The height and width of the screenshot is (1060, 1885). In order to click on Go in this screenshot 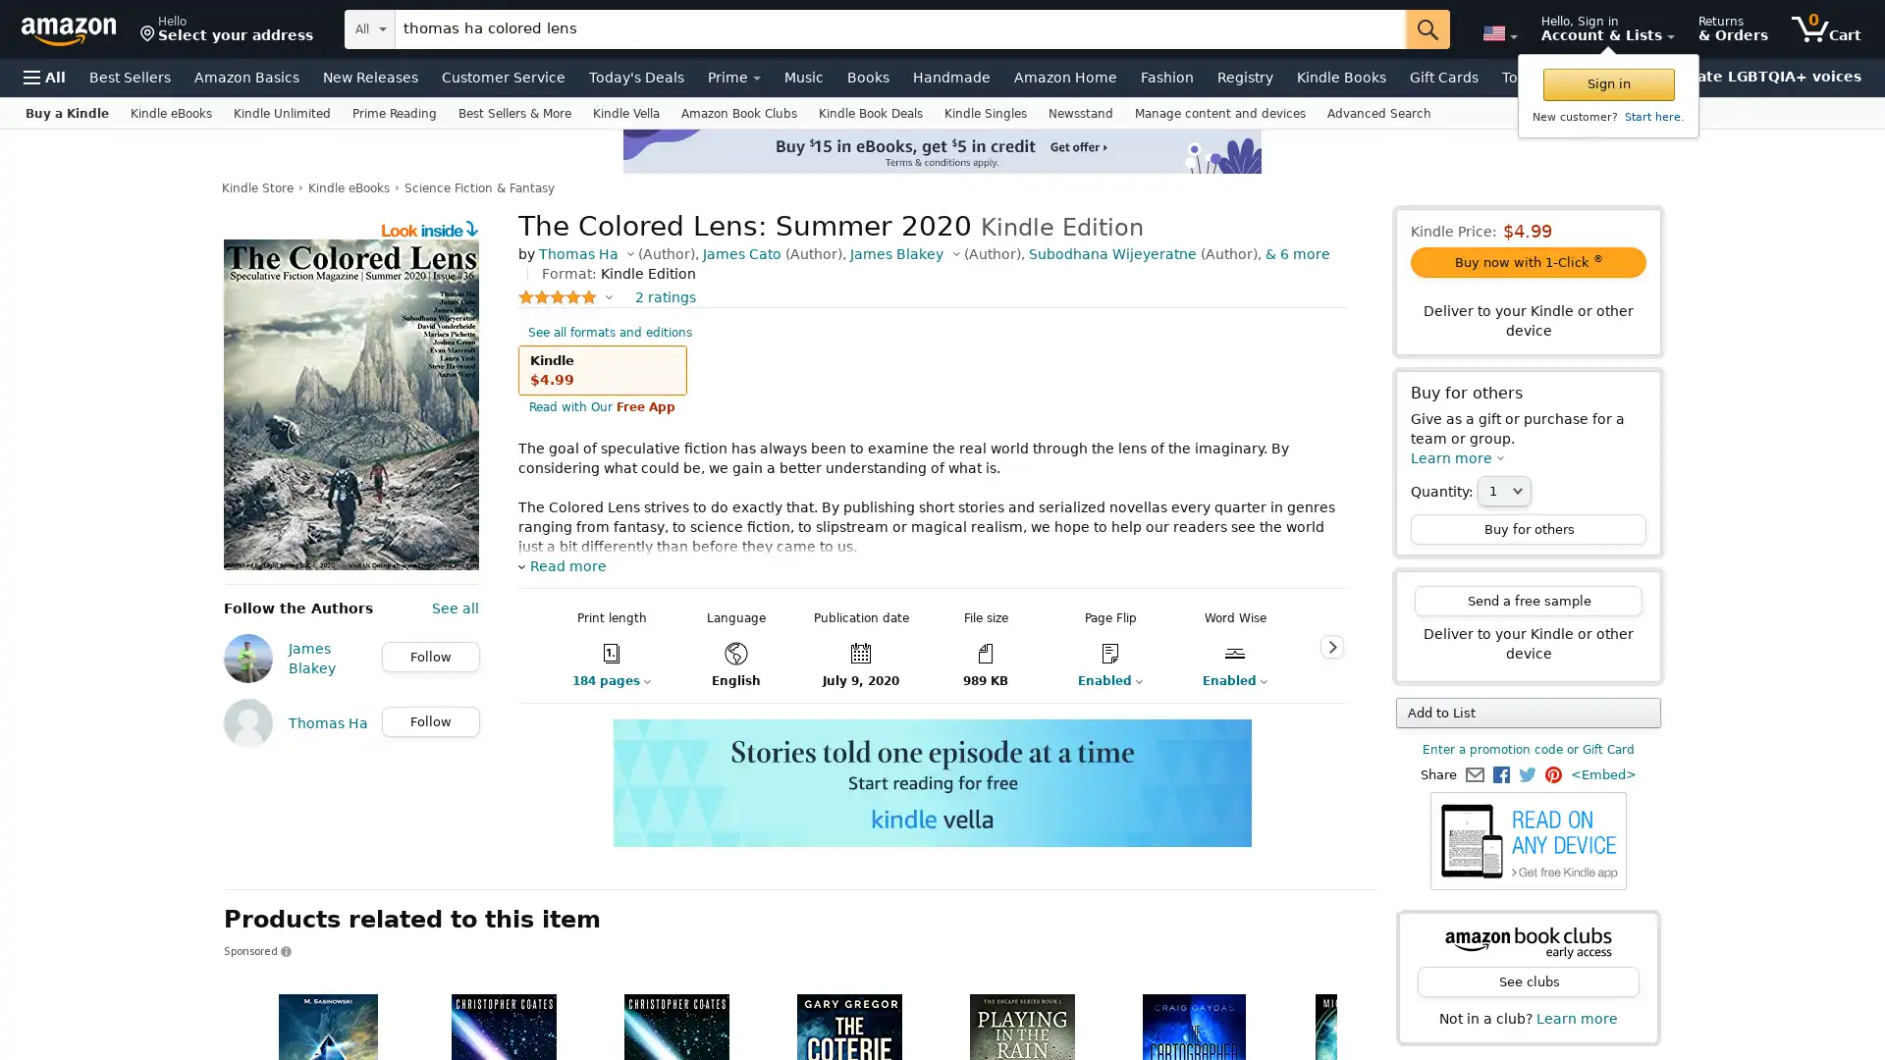, I will do `click(1427, 29)`.